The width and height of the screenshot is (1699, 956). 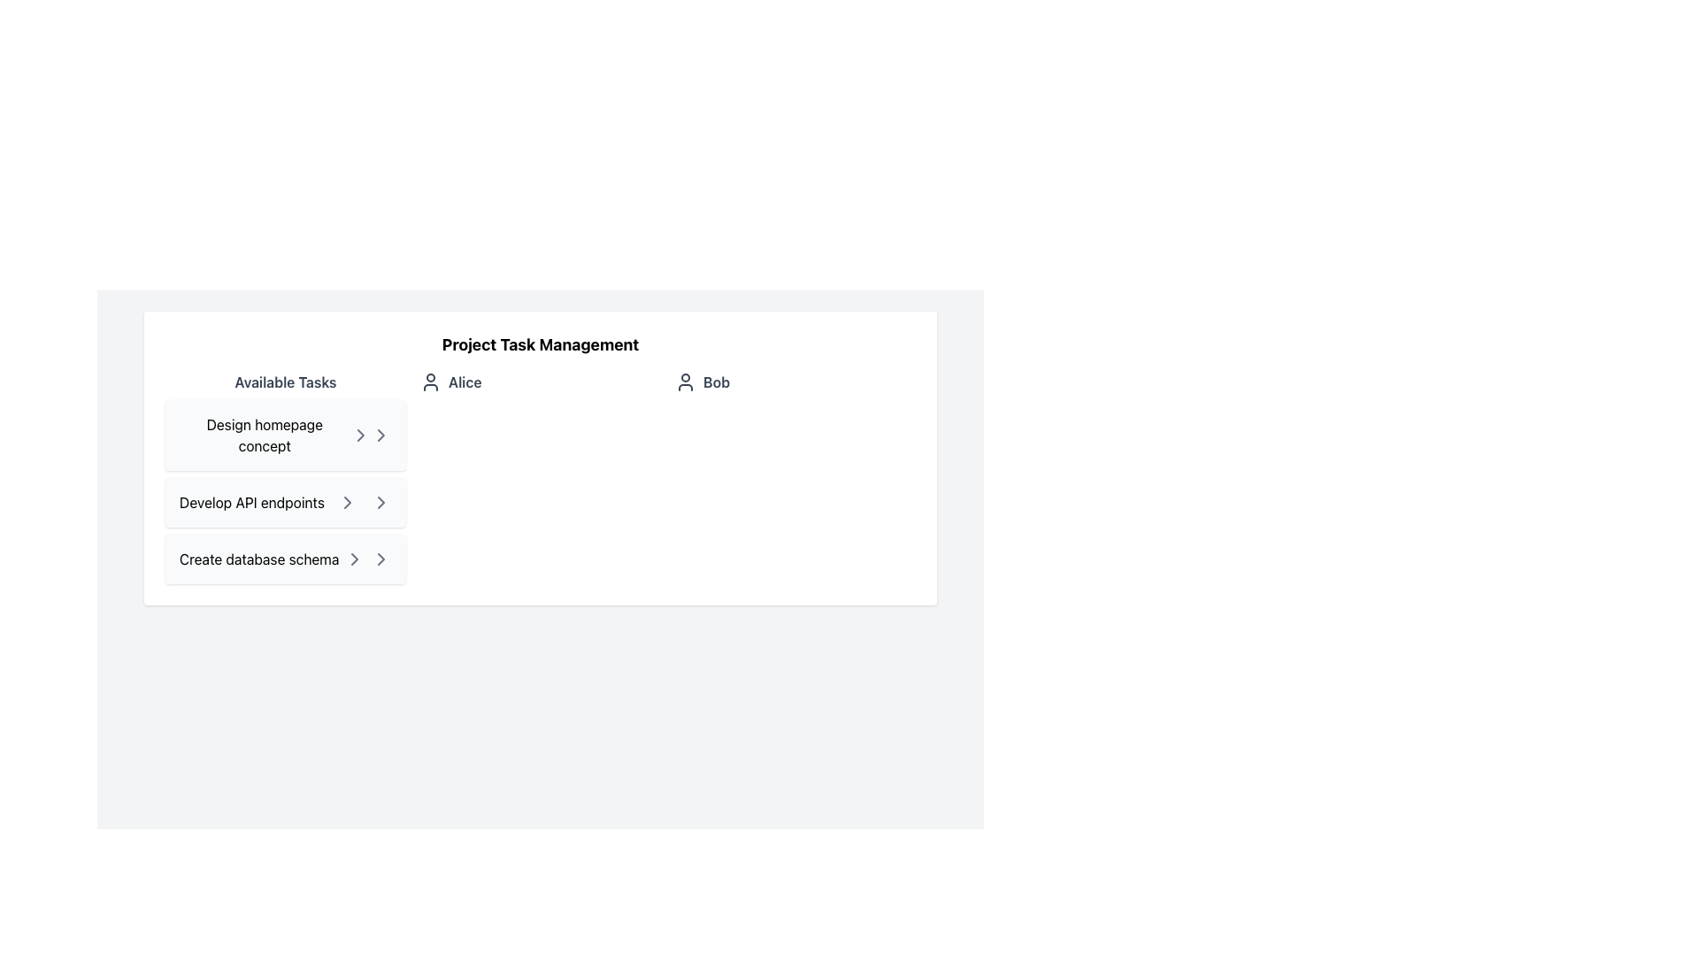 I want to click on the icon located at the far right side of the third list item labeled 'Create database schema' within the 'Available Tasks' list, so click(x=354, y=559).